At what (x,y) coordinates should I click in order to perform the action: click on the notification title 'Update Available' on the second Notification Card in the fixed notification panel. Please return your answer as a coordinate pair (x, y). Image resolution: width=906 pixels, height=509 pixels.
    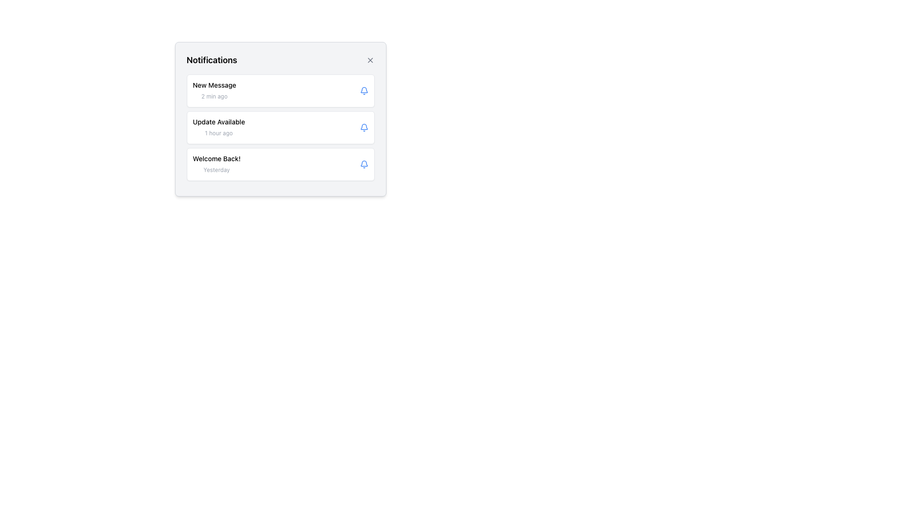
    Looking at the image, I should click on (280, 119).